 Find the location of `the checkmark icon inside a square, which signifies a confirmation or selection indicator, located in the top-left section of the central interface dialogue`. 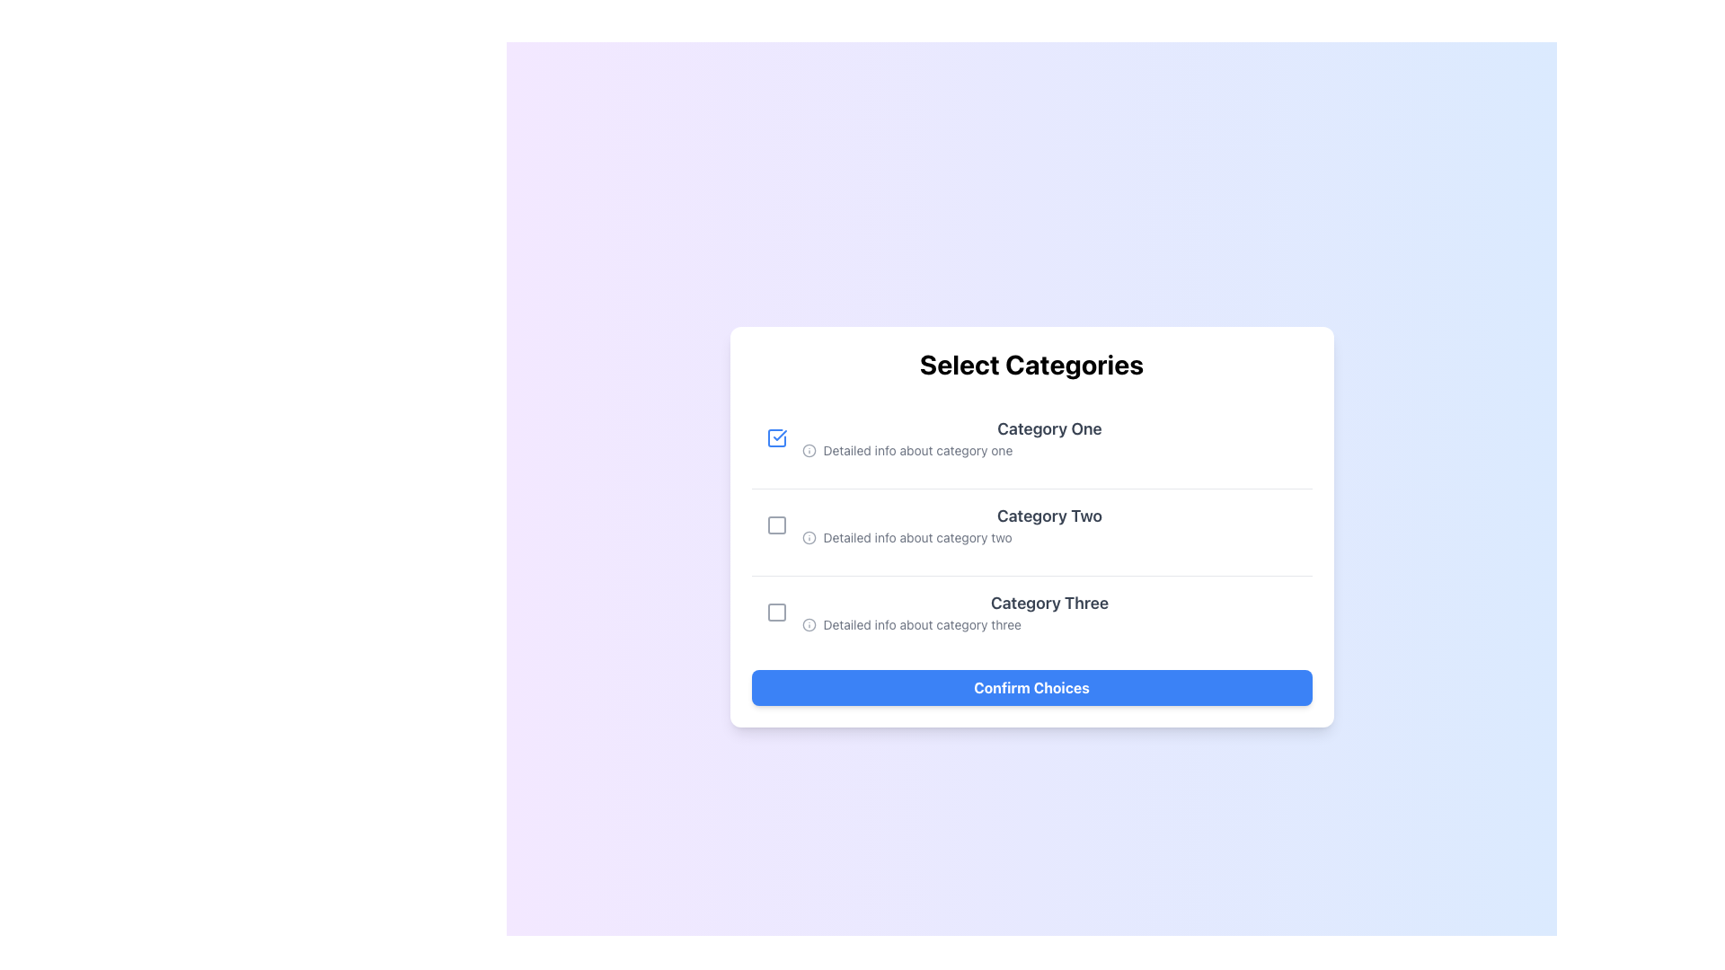

the checkmark icon inside a square, which signifies a confirmation or selection indicator, located in the top-left section of the central interface dialogue is located at coordinates (780, 436).